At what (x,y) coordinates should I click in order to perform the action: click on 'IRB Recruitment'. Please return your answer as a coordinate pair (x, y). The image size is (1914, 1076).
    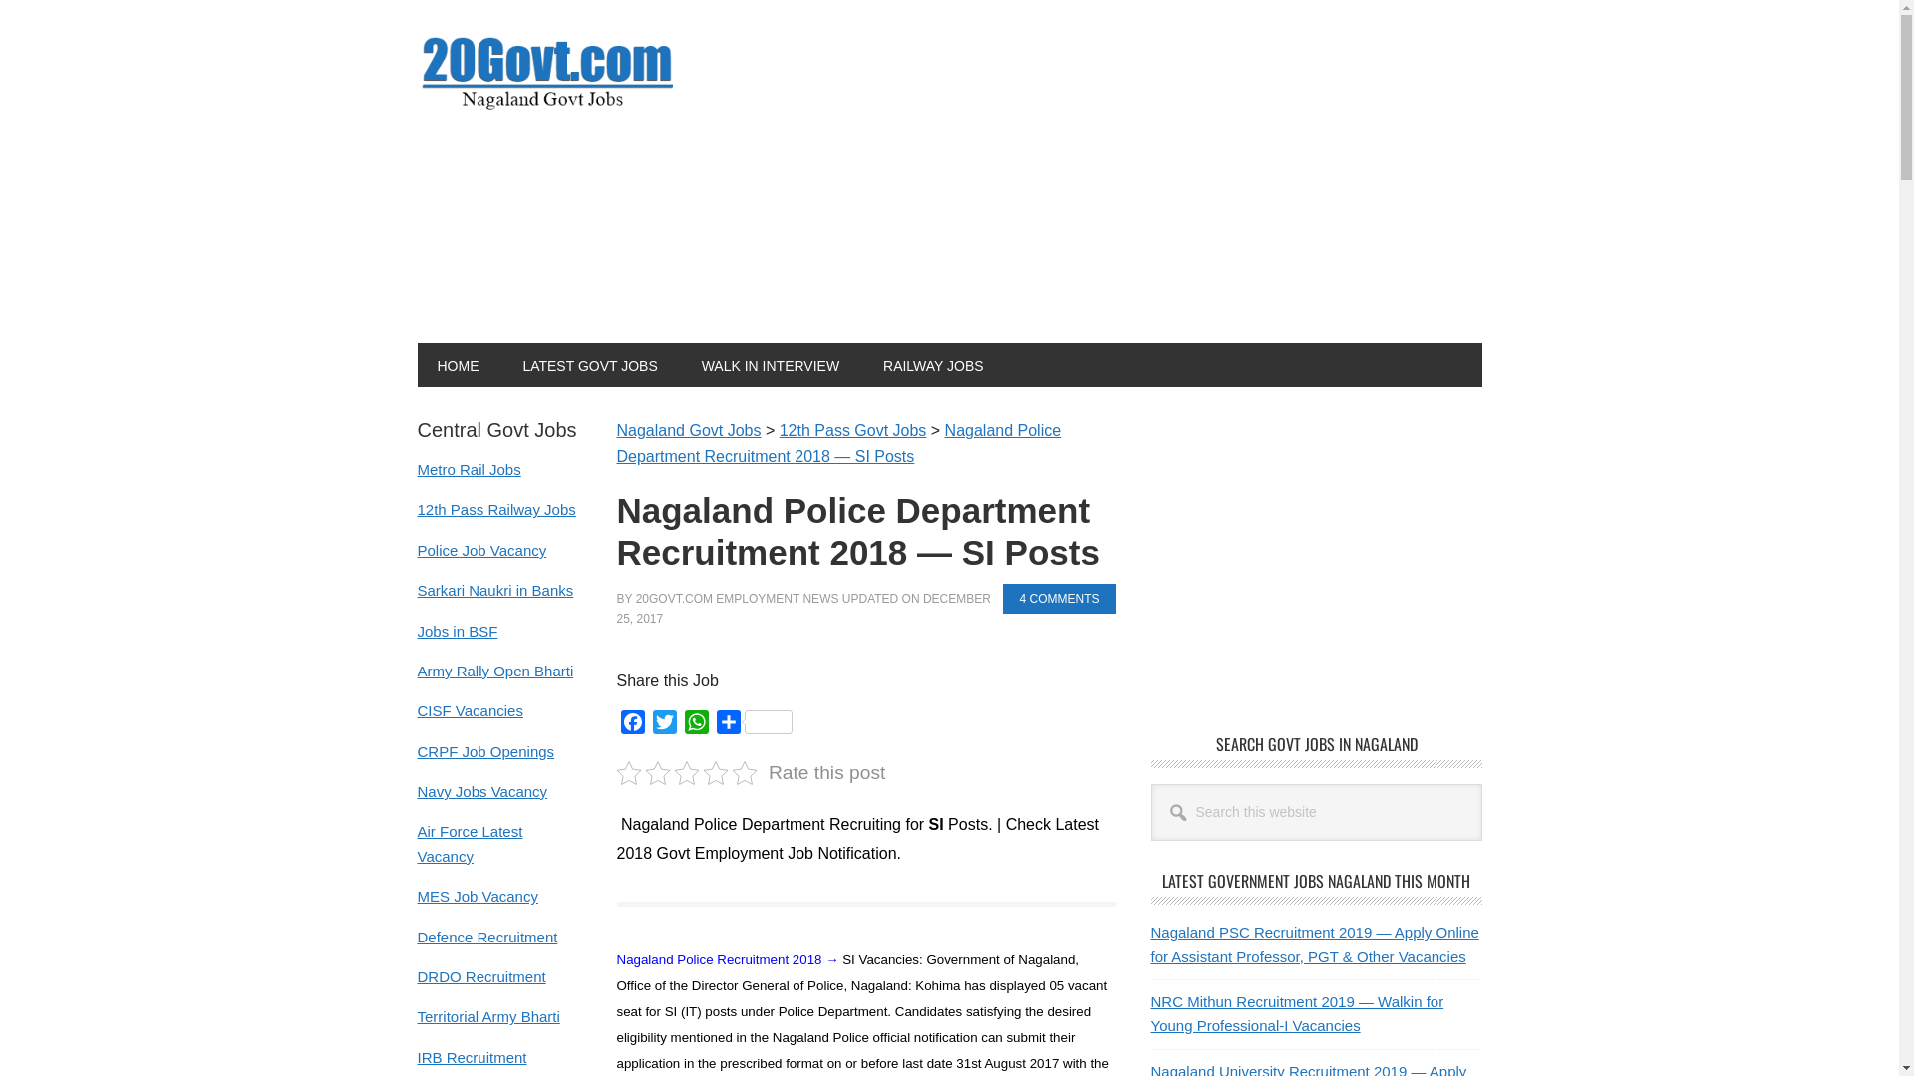
    Looking at the image, I should click on (471, 1056).